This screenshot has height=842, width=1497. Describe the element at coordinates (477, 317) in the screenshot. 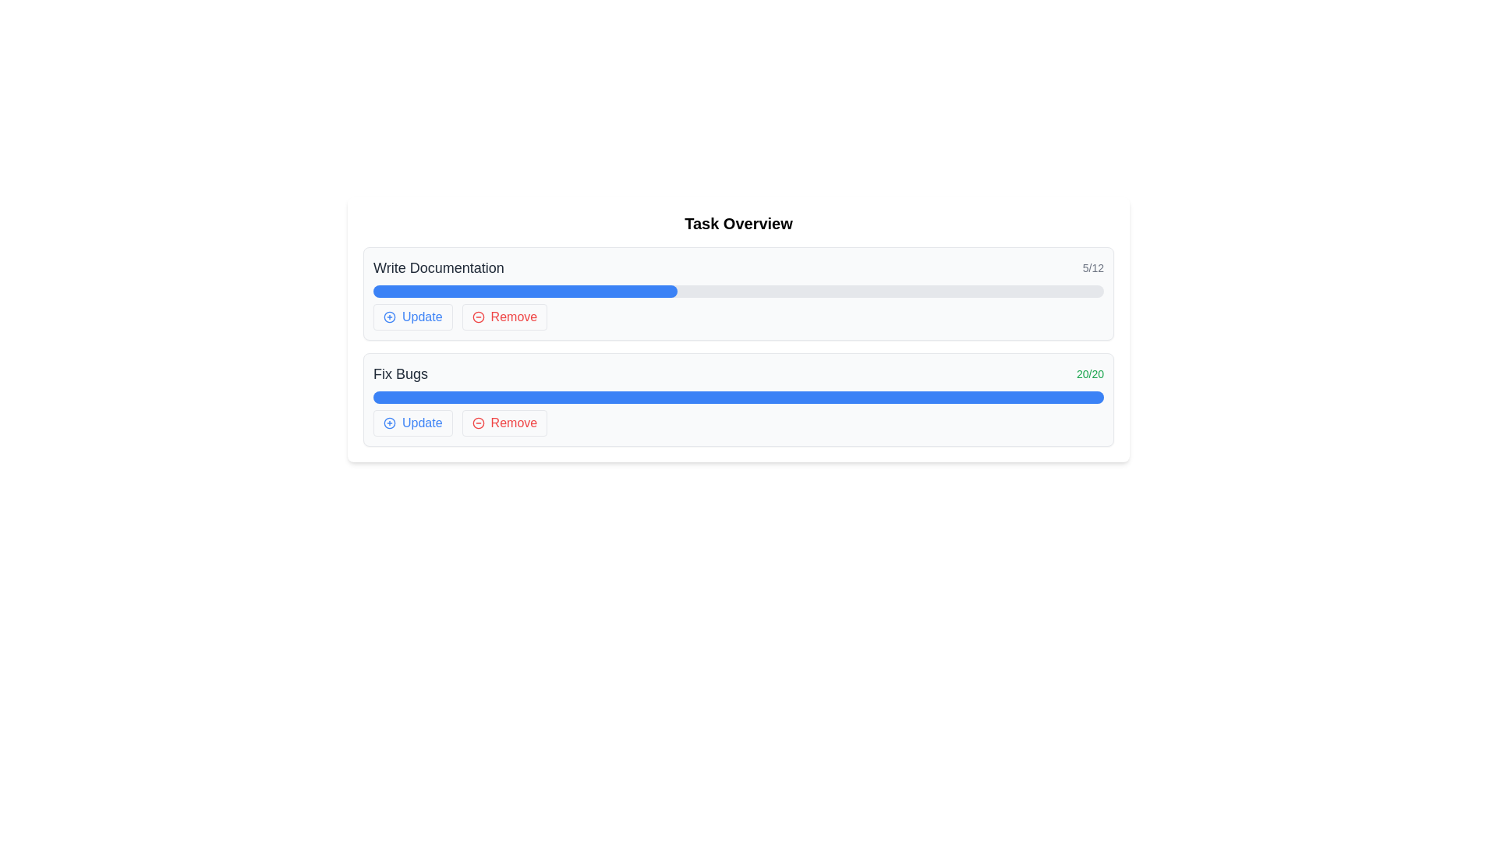

I see `the circular outline icon that represents the function of removing or subtracting, located to the left of the 'Remove' button label in the 'Write Documentation' section` at that location.